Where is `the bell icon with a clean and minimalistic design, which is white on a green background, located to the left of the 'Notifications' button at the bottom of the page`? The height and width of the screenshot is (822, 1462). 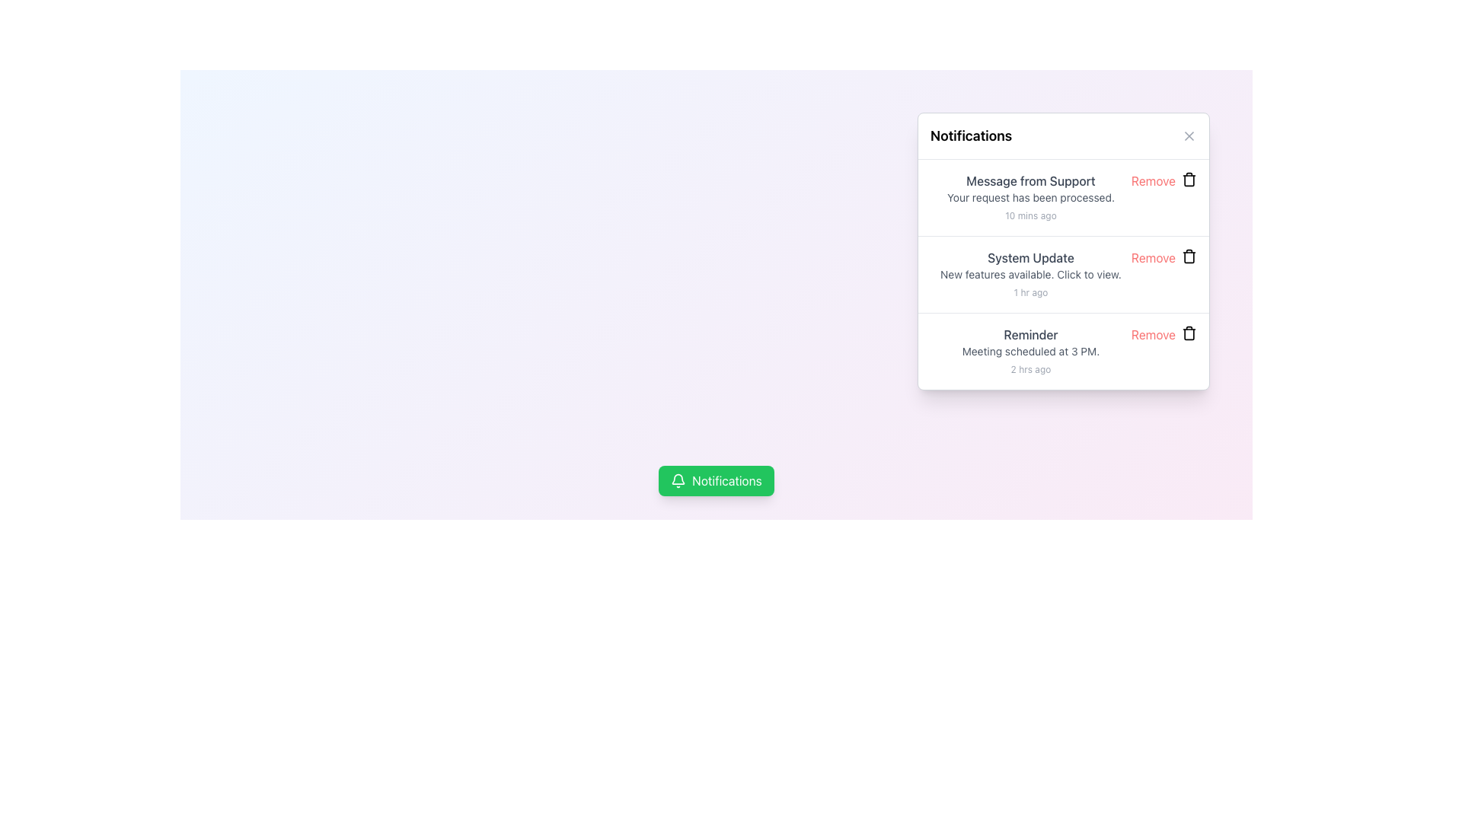 the bell icon with a clean and minimalistic design, which is white on a green background, located to the left of the 'Notifications' button at the bottom of the page is located at coordinates (678, 481).